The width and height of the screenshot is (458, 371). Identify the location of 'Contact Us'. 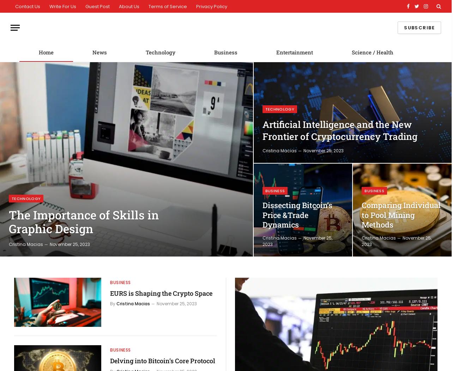
(28, 6).